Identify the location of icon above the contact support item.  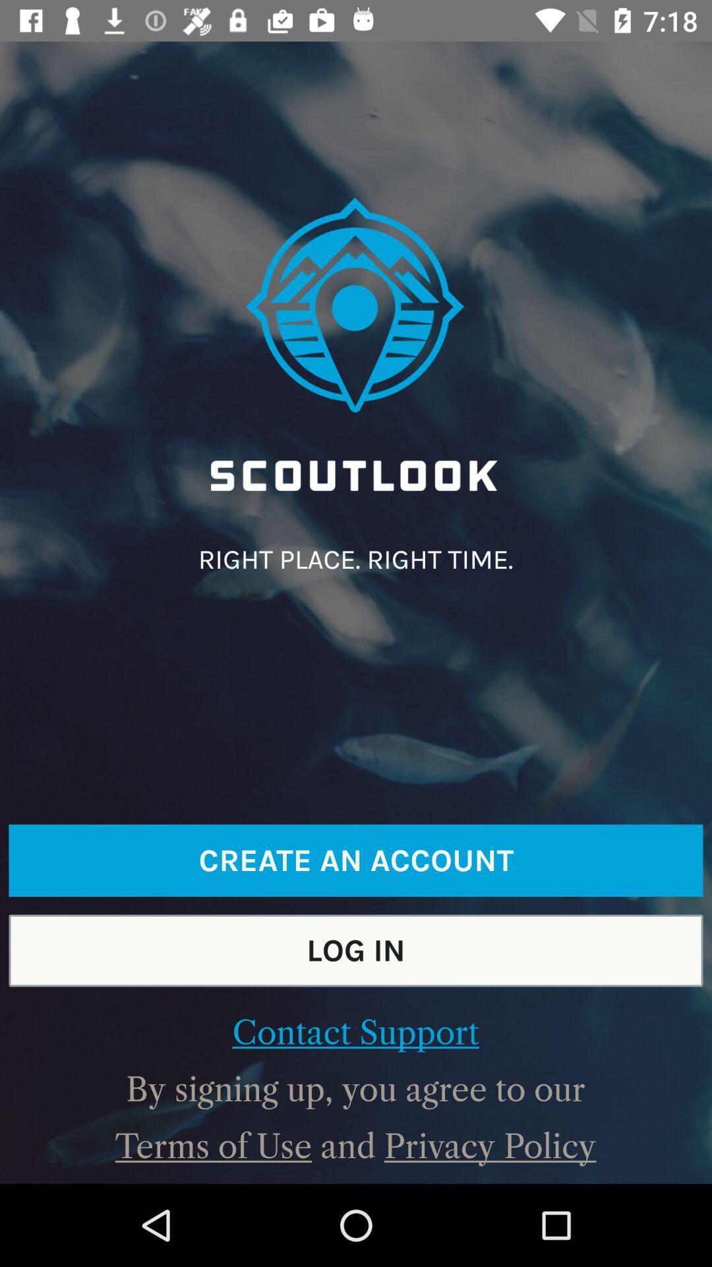
(356, 950).